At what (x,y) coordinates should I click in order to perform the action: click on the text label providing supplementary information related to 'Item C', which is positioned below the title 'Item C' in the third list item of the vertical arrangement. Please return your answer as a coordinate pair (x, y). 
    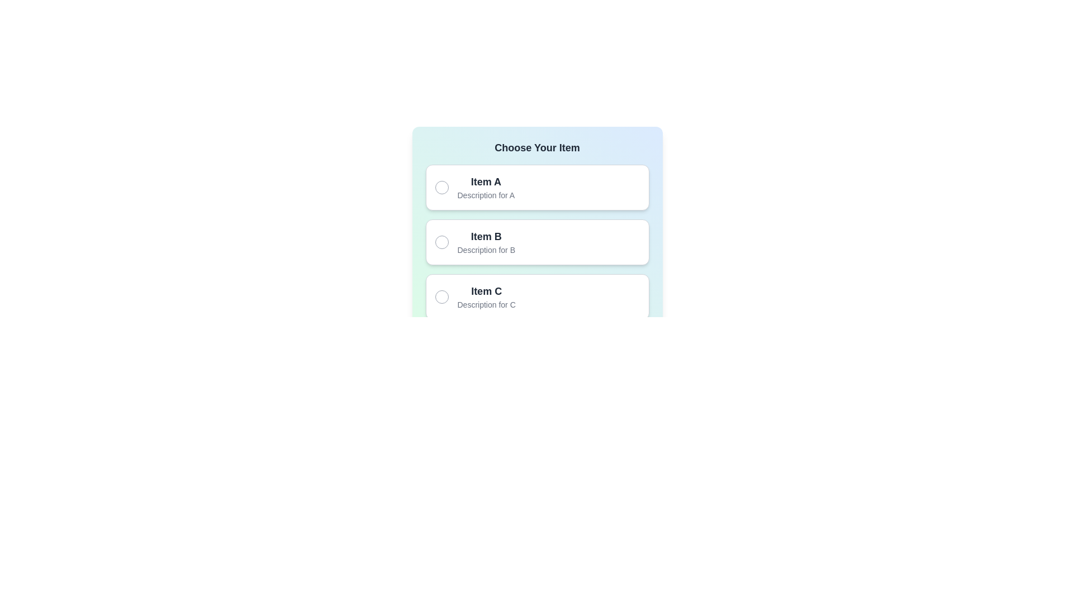
    Looking at the image, I should click on (486, 305).